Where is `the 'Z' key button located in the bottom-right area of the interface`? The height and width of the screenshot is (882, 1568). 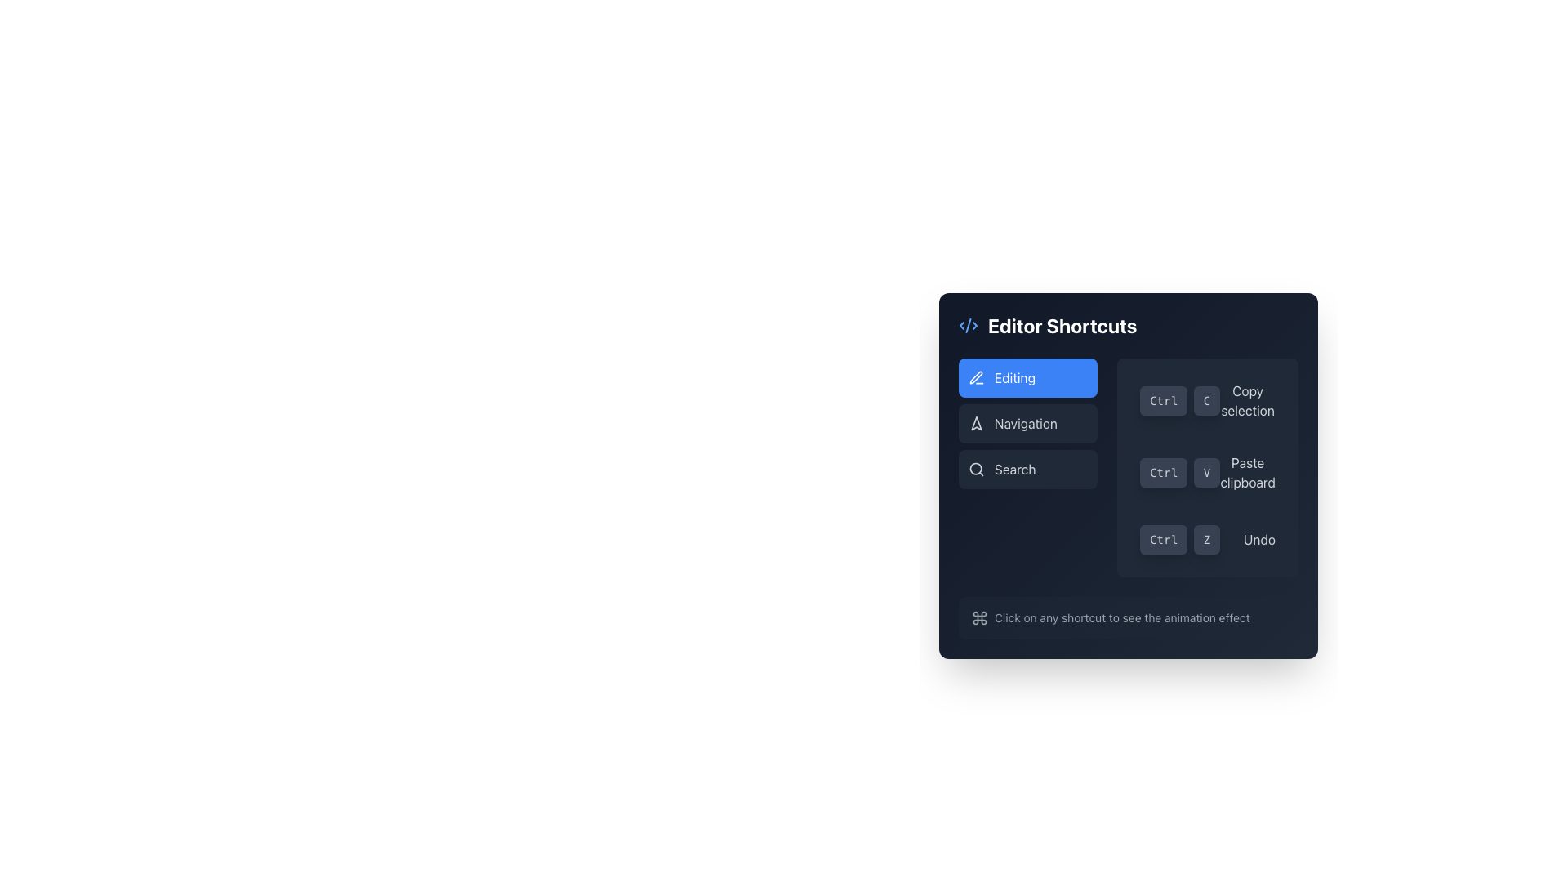
the 'Z' key button located in the bottom-right area of the interface is located at coordinates (1207, 539).